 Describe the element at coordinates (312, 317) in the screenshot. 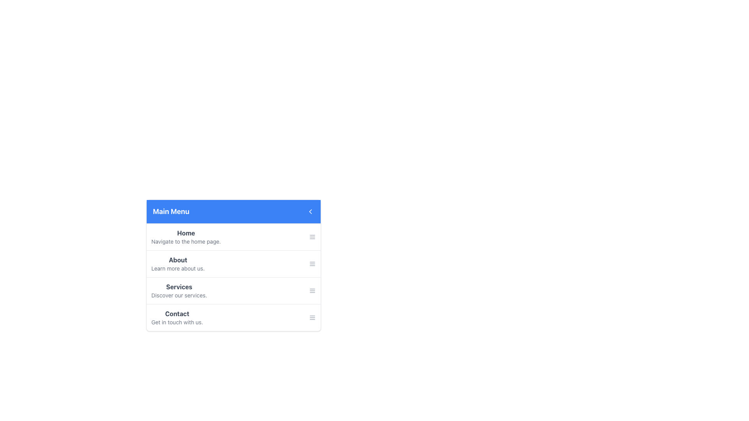

I see `the Menu Icon located in the 'Contact' row, which is aligned to the right of the text 'Get in touch with us'` at that location.